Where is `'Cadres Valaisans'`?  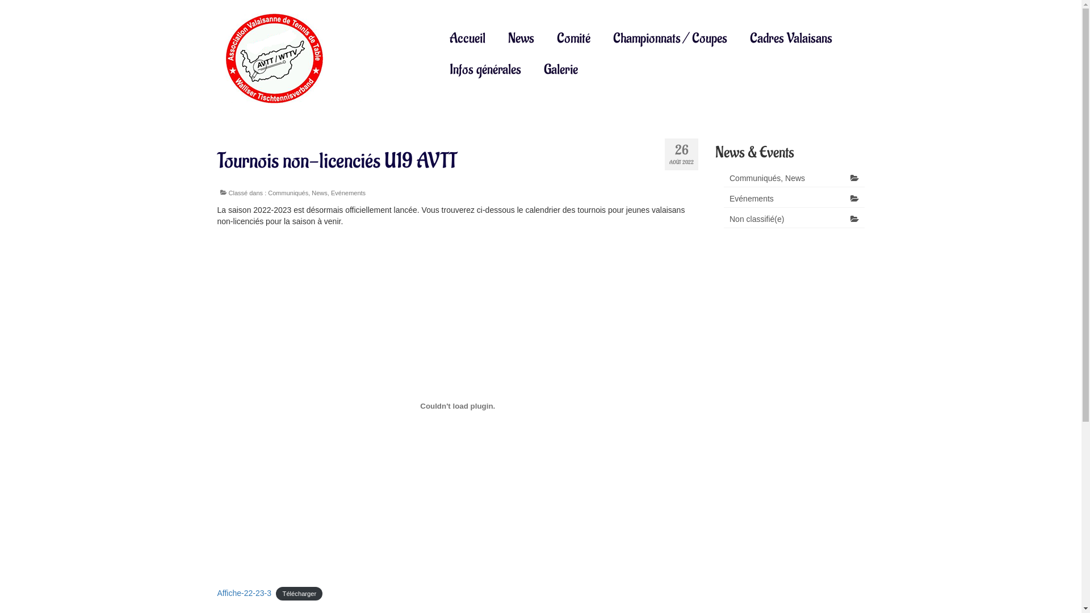
'Cadres Valaisans' is located at coordinates (738, 37).